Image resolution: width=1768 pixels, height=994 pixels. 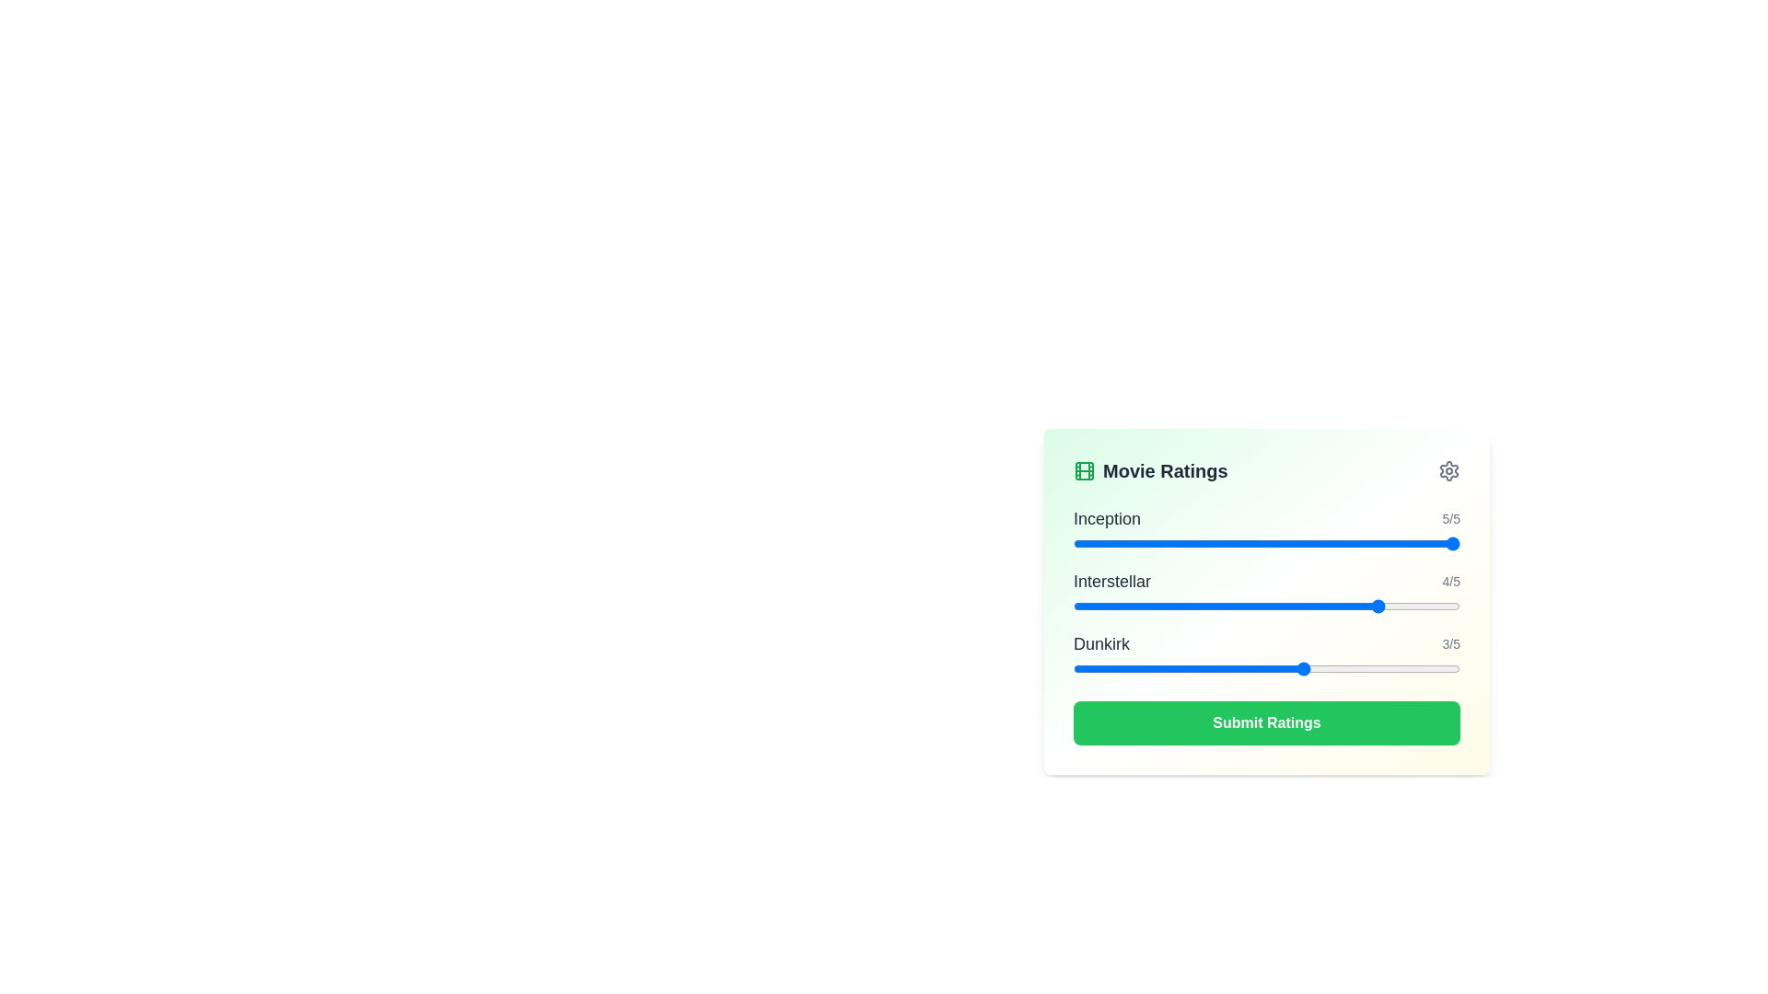 I want to click on the rating for 'Interstellar', so click(x=1304, y=607).